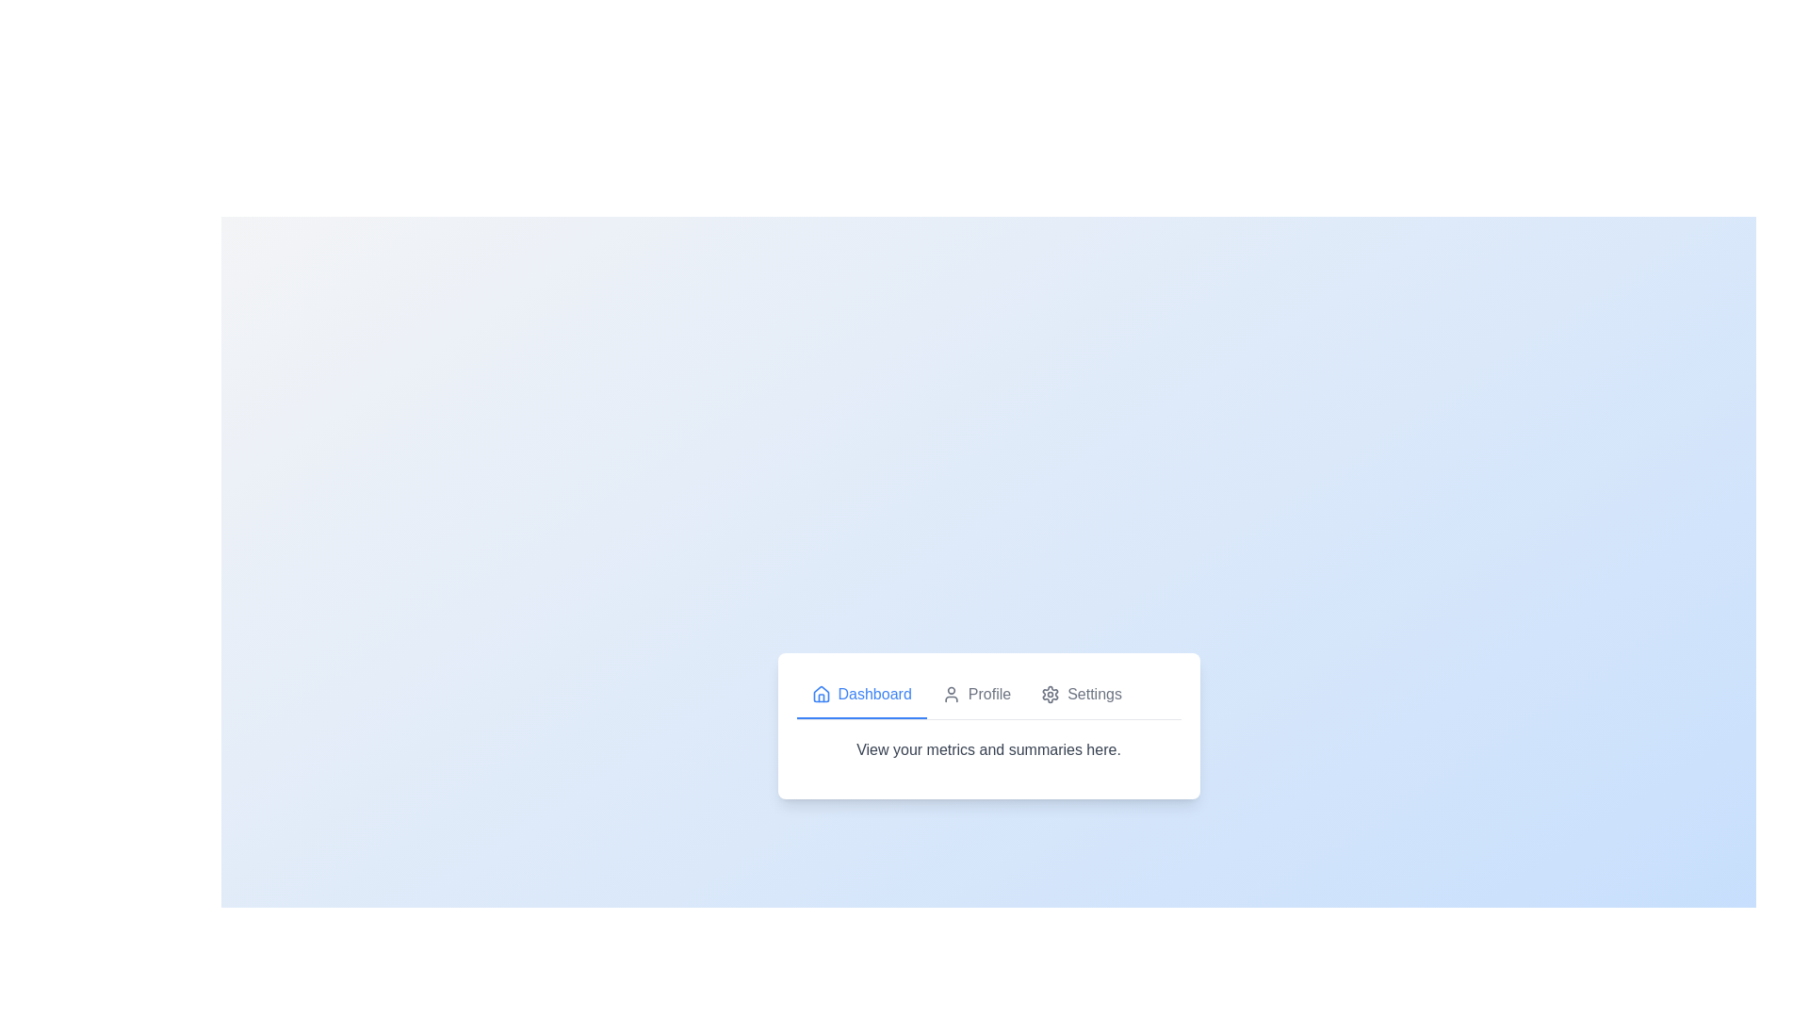 The width and height of the screenshot is (1809, 1018). What do you see at coordinates (976, 695) in the screenshot?
I see `the tab labeled Profile` at bounding box center [976, 695].